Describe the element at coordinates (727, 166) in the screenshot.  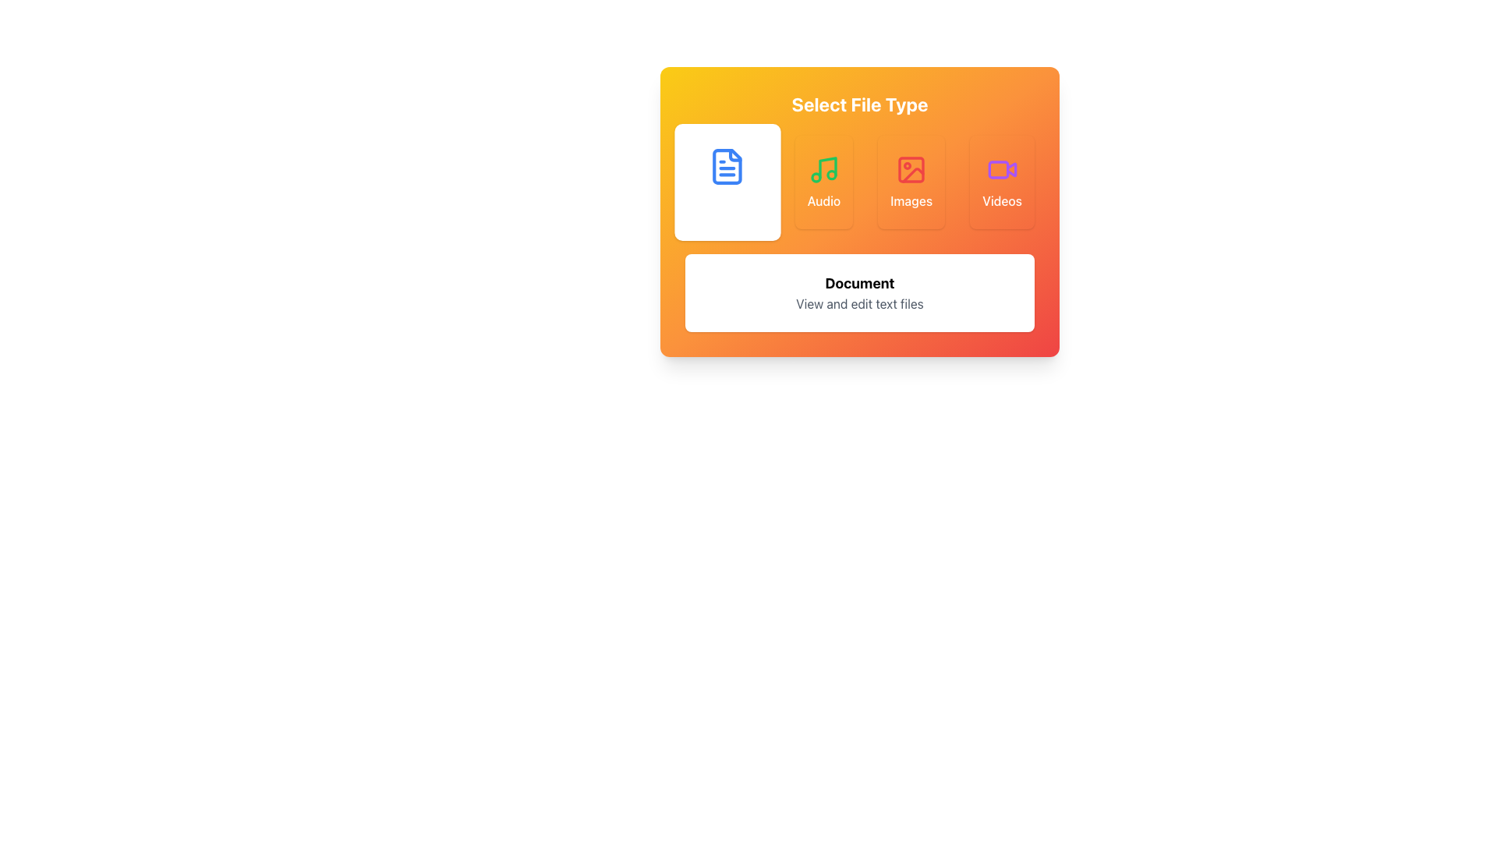
I see `the 'Document' file type icon, which is the first icon from the left in the top row of the file type selection section` at that location.